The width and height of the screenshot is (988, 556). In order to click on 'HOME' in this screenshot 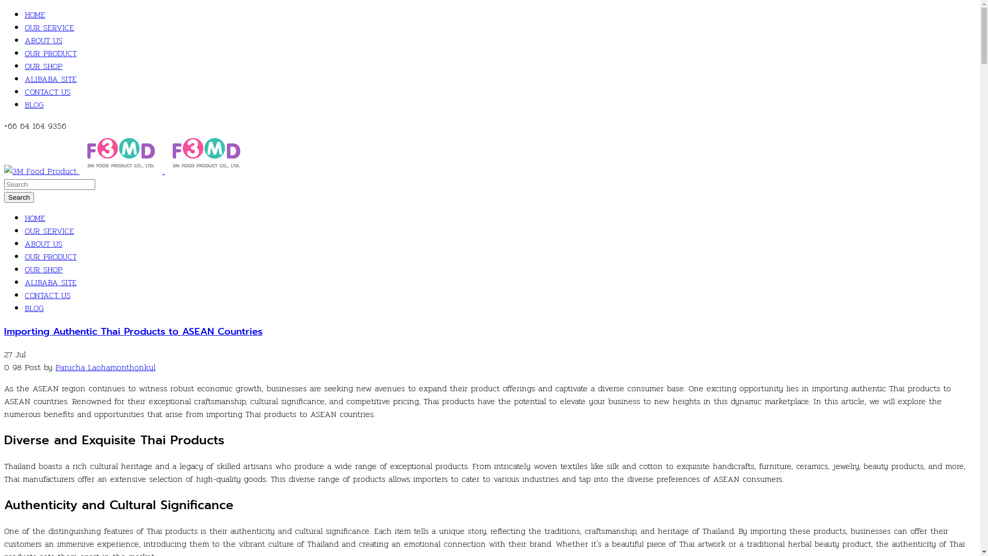, I will do `click(34, 14)`.